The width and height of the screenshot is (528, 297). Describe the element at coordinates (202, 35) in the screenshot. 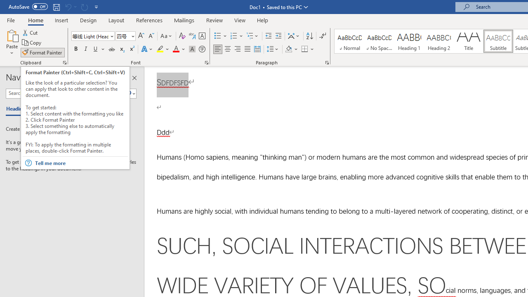

I see `'Character Border'` at that location.